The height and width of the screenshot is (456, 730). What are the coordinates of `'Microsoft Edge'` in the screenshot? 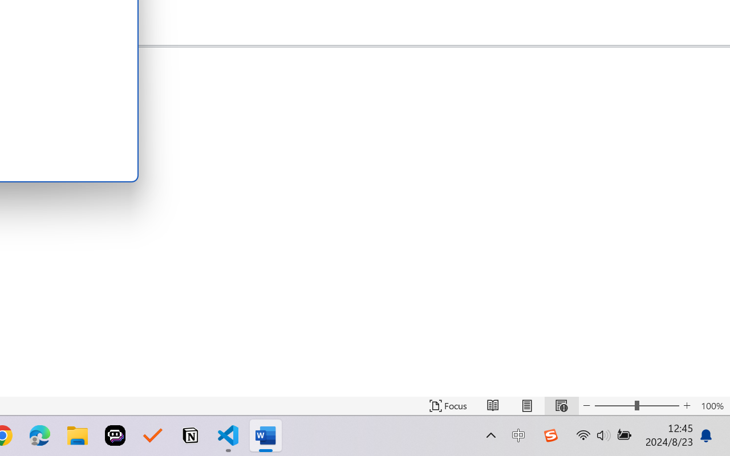 It's located at (39, 435).